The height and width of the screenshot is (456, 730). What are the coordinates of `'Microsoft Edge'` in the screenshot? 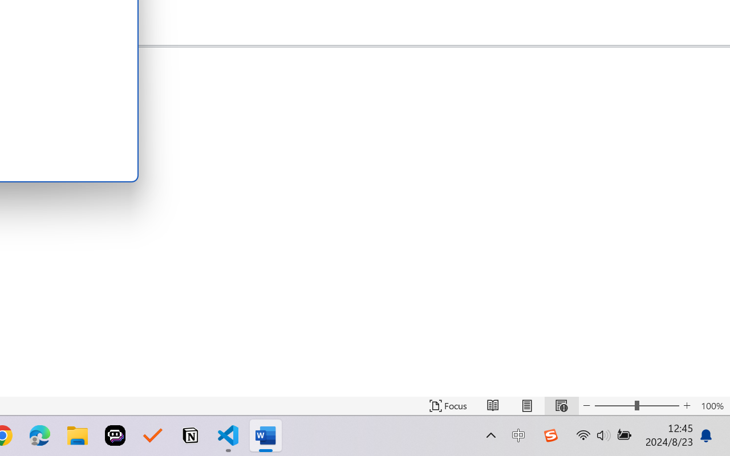 It's located at (39, 435).